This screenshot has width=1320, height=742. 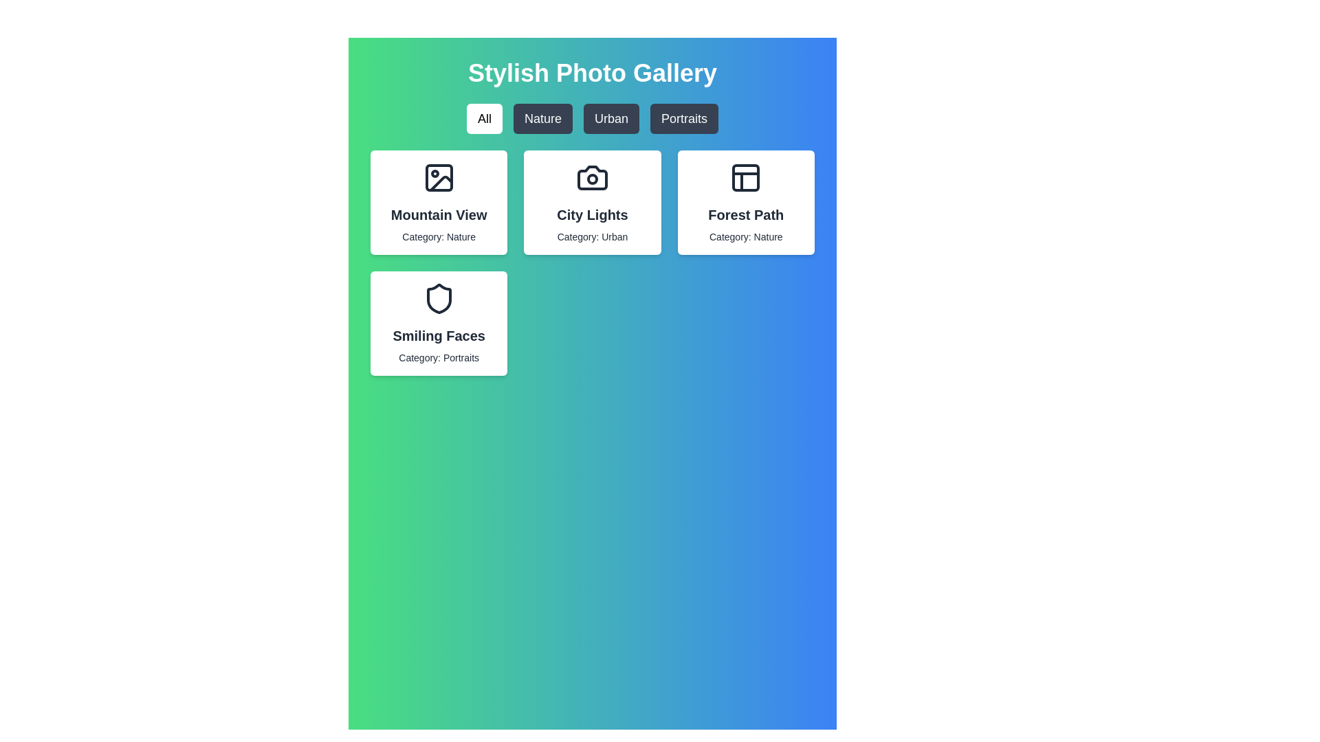 What do you see at coordinates (438, 177) in the screenshot?
I see `the decorative icon representing the 'Mountain View' card, located at the top center of the white card, above the text 'Mountain View' and 'Category: Nature'` at bounding box center [438, 177].